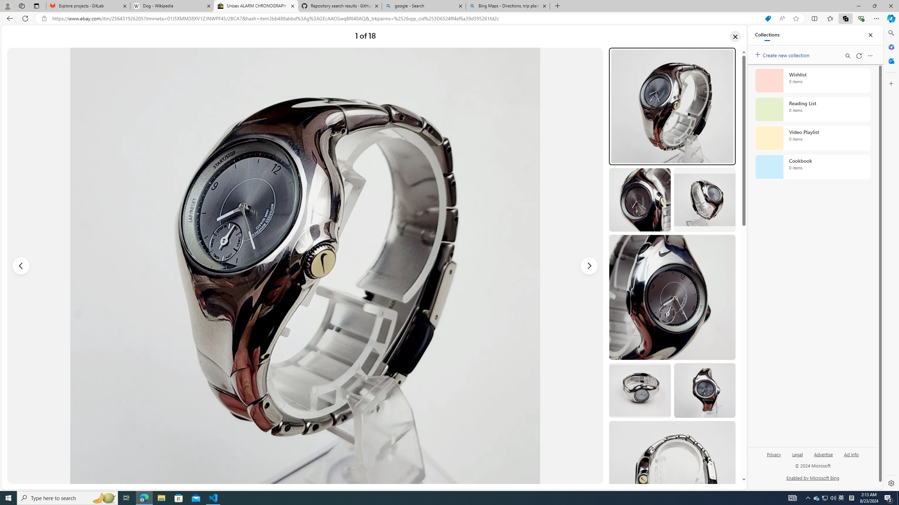  What do you see at coordinates (813, 80) in the screenshot?
I see `'Wishlist collection, 0 items'` at bounding box center [813, 80].